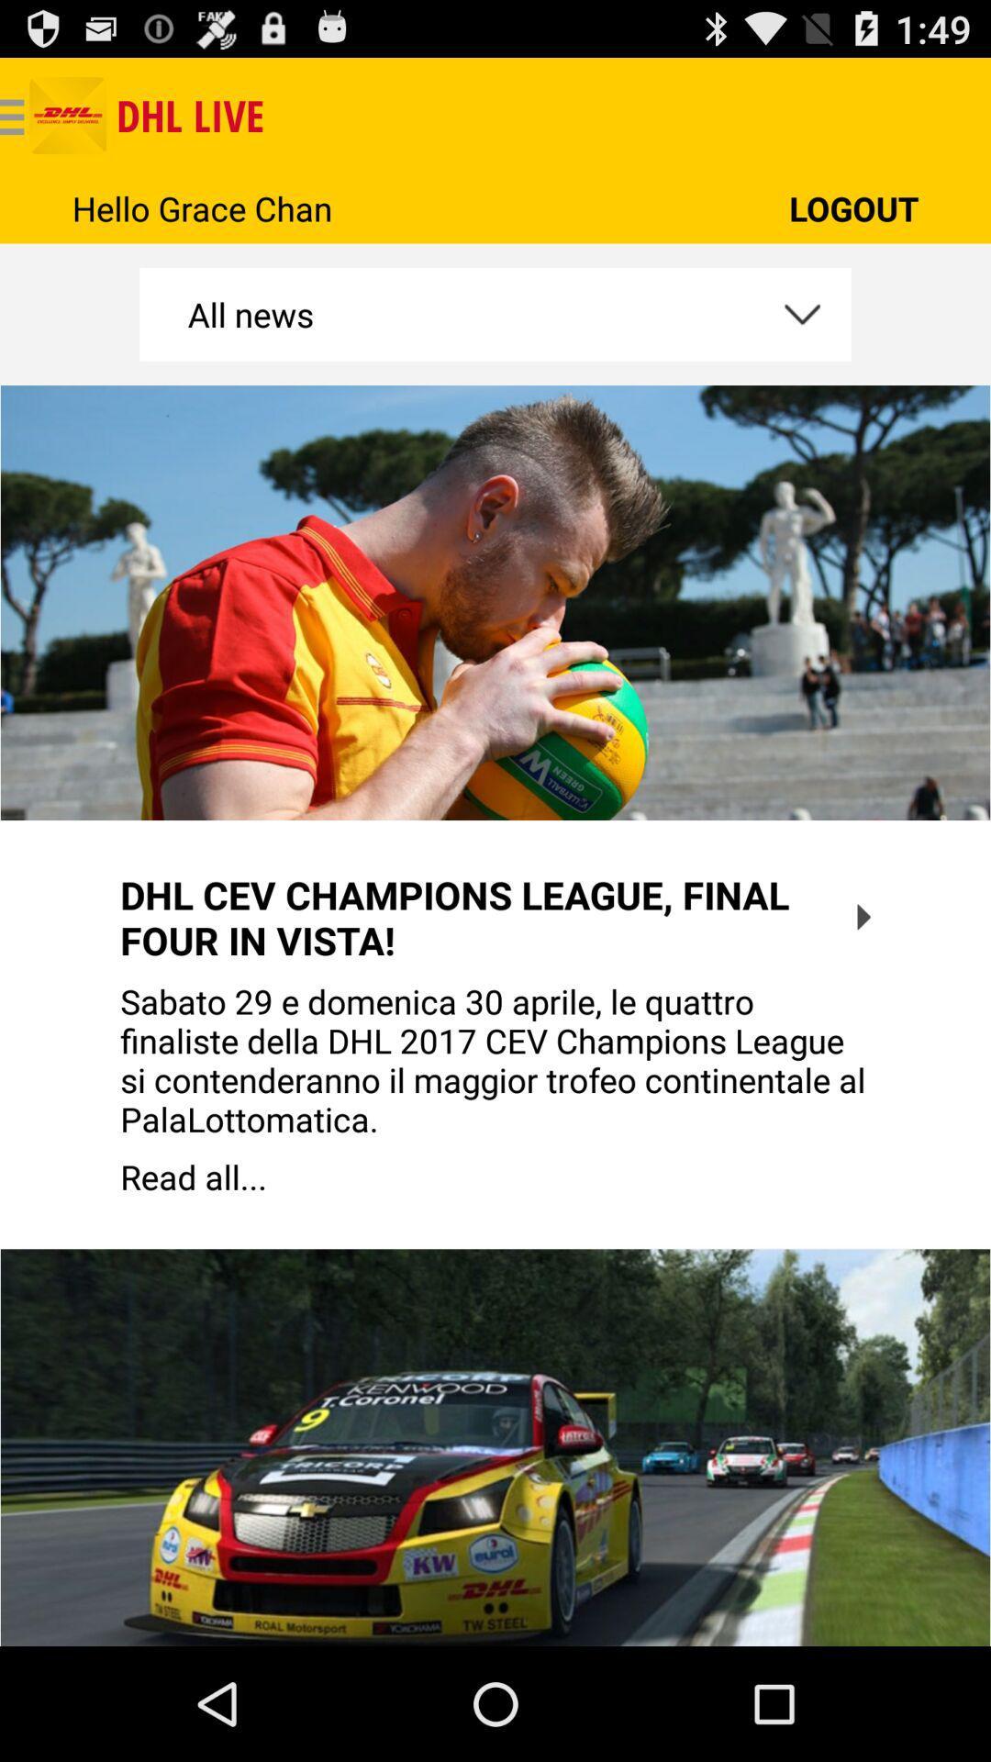  Describe the element at coordinates (495, 1060) in the screenshot. I see `app below dhl cev champions app` at that location.